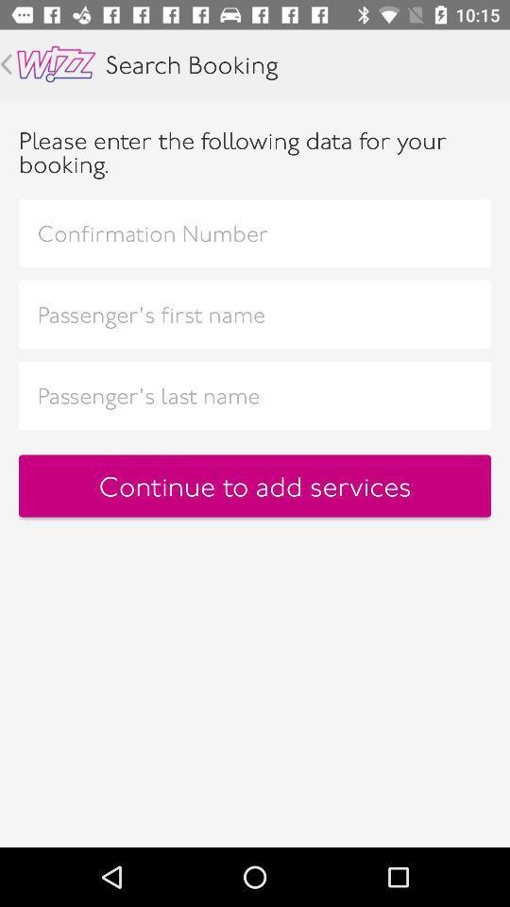  What do you see at coordinates (255, 314) in the screenshot?
I see `insert passenger 's first name` at bounding box center [255, 314].